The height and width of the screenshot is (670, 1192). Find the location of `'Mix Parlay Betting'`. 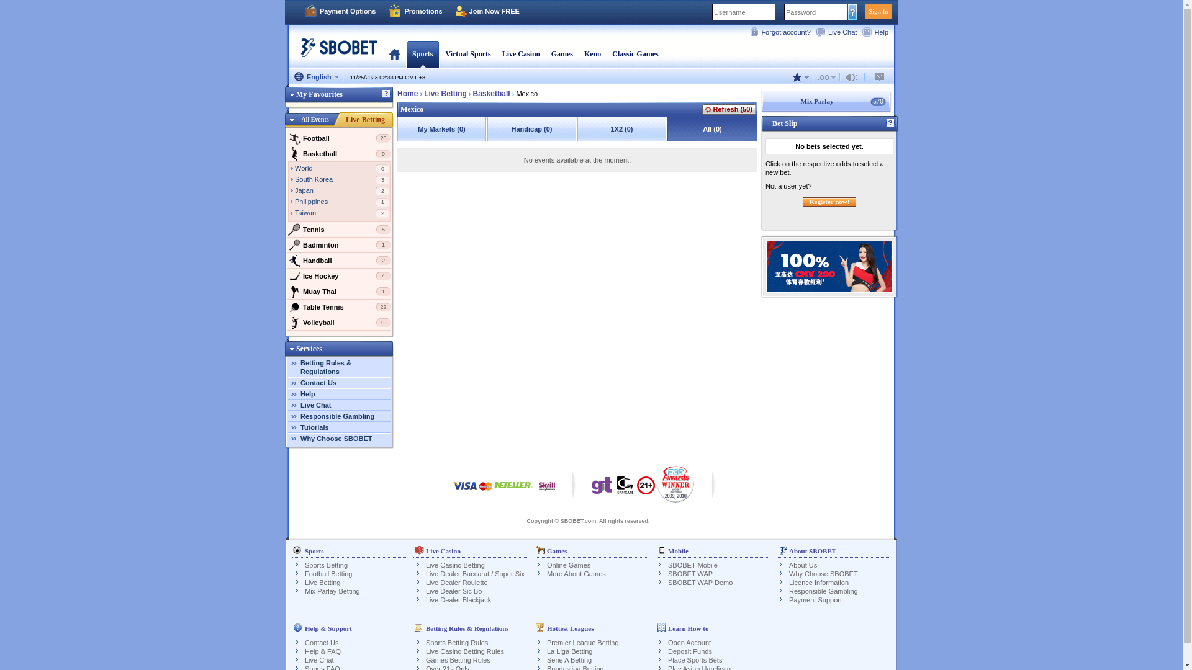

'Mix Parlay Betting' is located at coordinates (332, 590).